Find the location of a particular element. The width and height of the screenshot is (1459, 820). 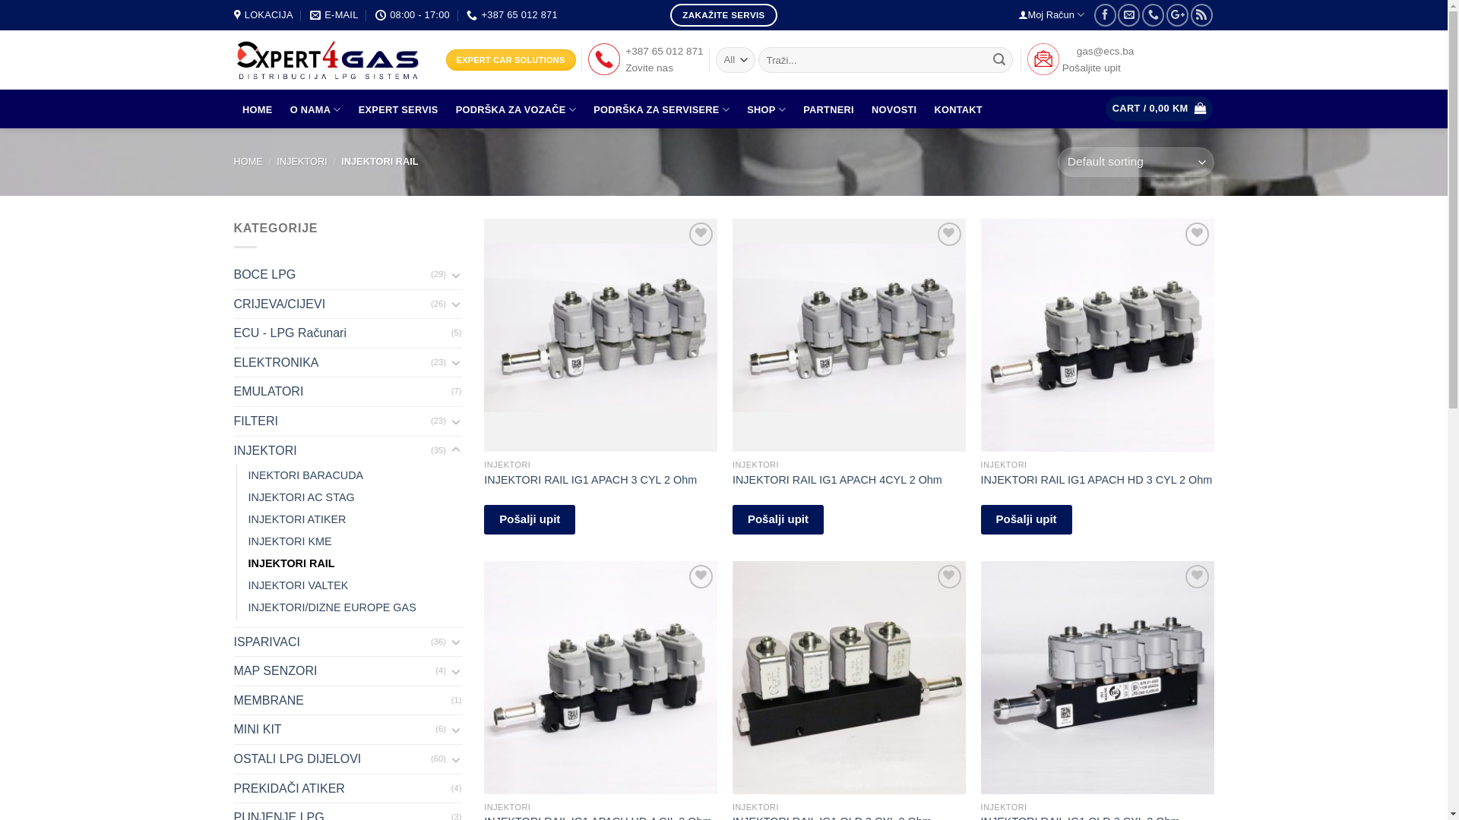

'INJEKTORI/DIZNE EUROPE GAS' is located at coordinates (331, 607).